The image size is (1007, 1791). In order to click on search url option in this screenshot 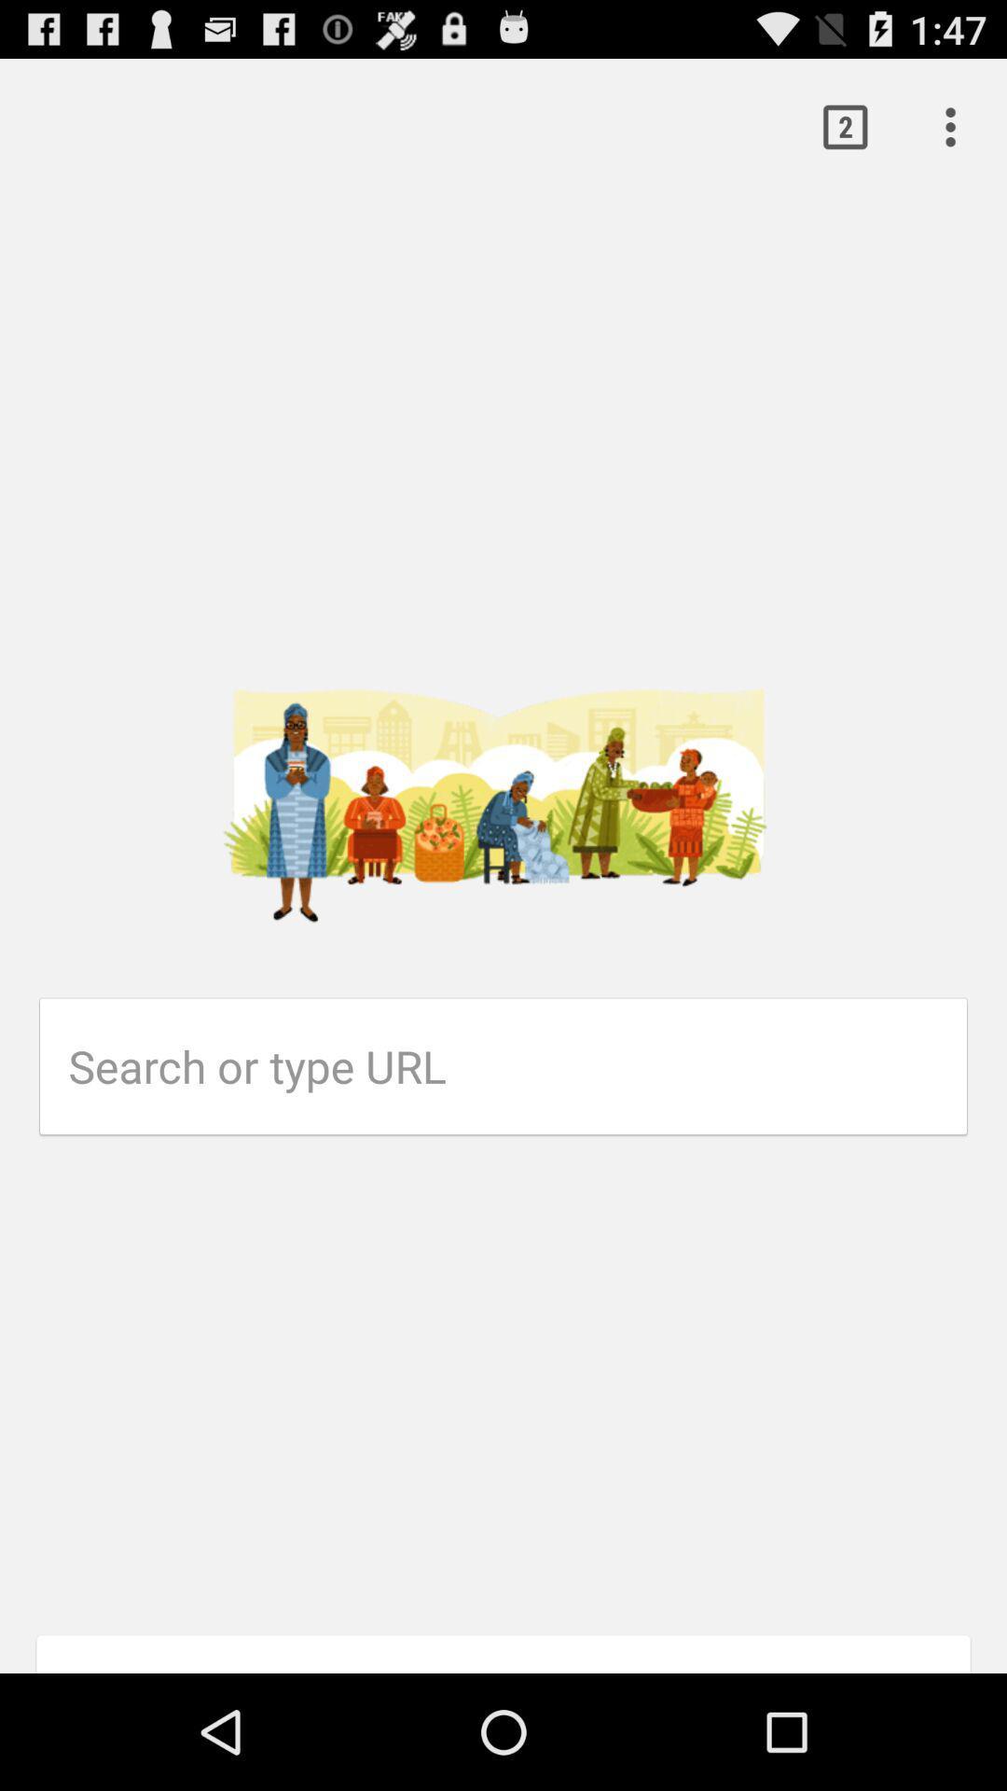, I will do `click(517, 1066)`.